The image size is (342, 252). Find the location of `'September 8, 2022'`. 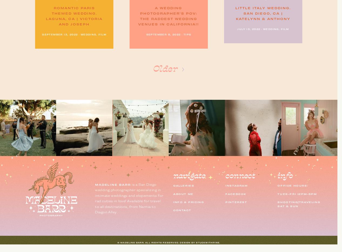

'September 8, 2022' is located at coordinates (163, 34).